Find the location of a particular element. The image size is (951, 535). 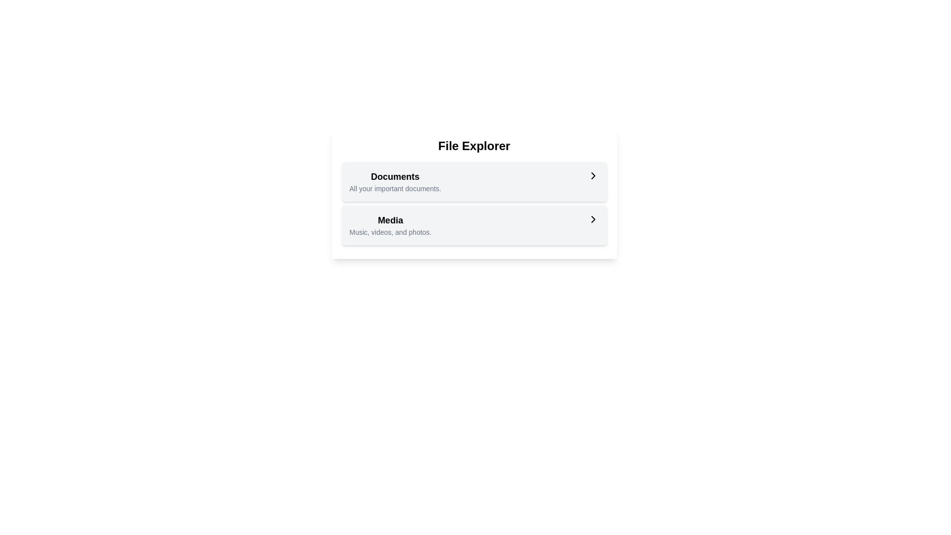

the 'Media' category button within the 'File Explorer' card for keyboard navigation is located at coordinates (474, 225).